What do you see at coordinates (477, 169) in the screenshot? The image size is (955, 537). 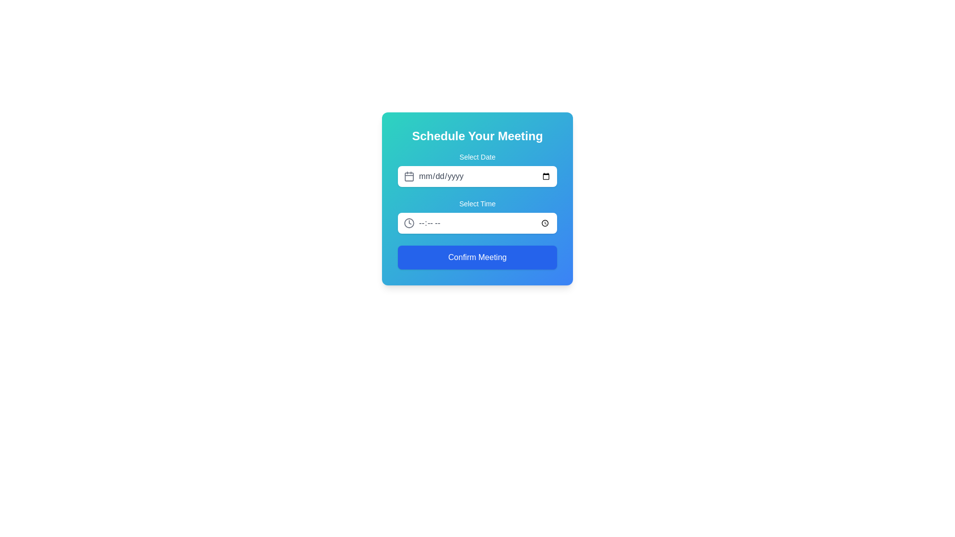 I see `the Date input field labeled 'Select Date'` at bounding box center [477, 169].